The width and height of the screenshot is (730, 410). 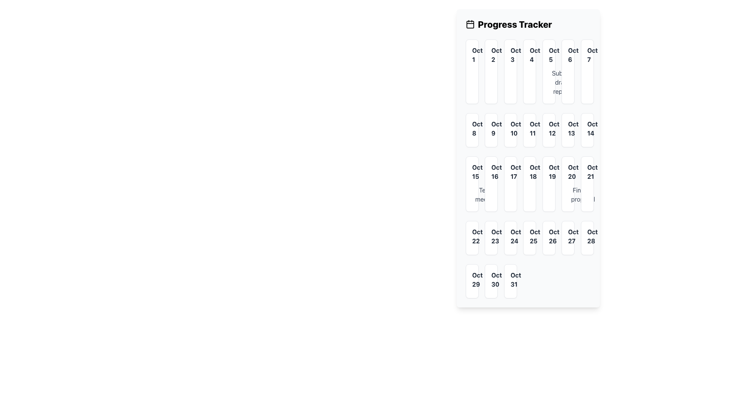 I want to click on the Calendar Day Box representing October 30th, so click(x=491, y=281).